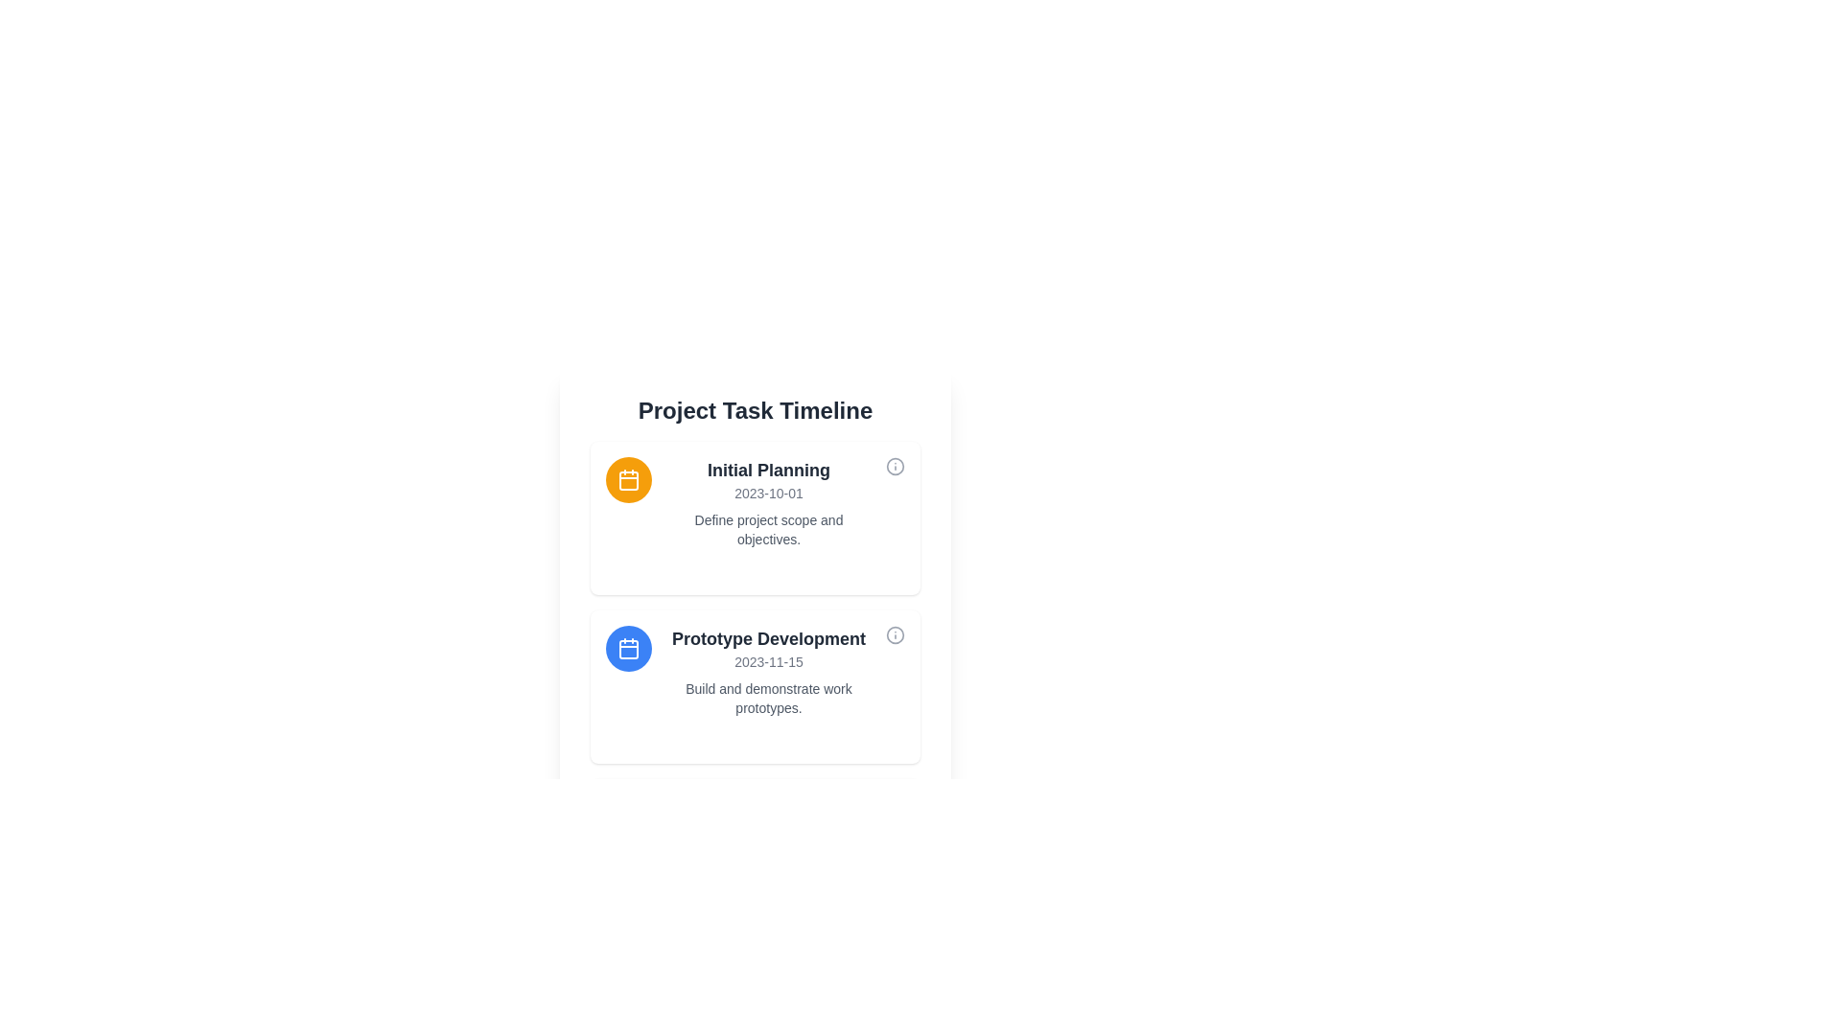 The width and height of the screenshot is (1841, 1035). What do you see at coordinates (768, 529) in the screenshot?
I see `text content of the text block that contains the sentence 'Define project scope and objectives.' located in the 'Initial Planning' section, beneath the date '2023-10-01'` at bounding box center [768, 529].